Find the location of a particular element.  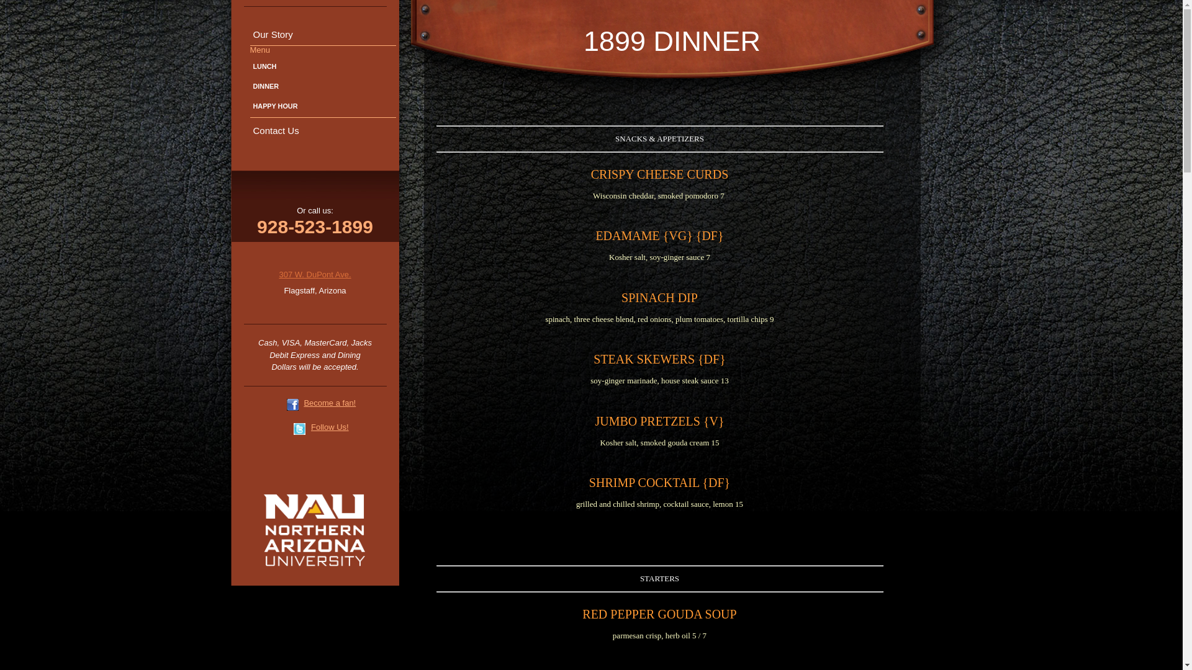

'DINNER' is located at coordinates (322, 86).